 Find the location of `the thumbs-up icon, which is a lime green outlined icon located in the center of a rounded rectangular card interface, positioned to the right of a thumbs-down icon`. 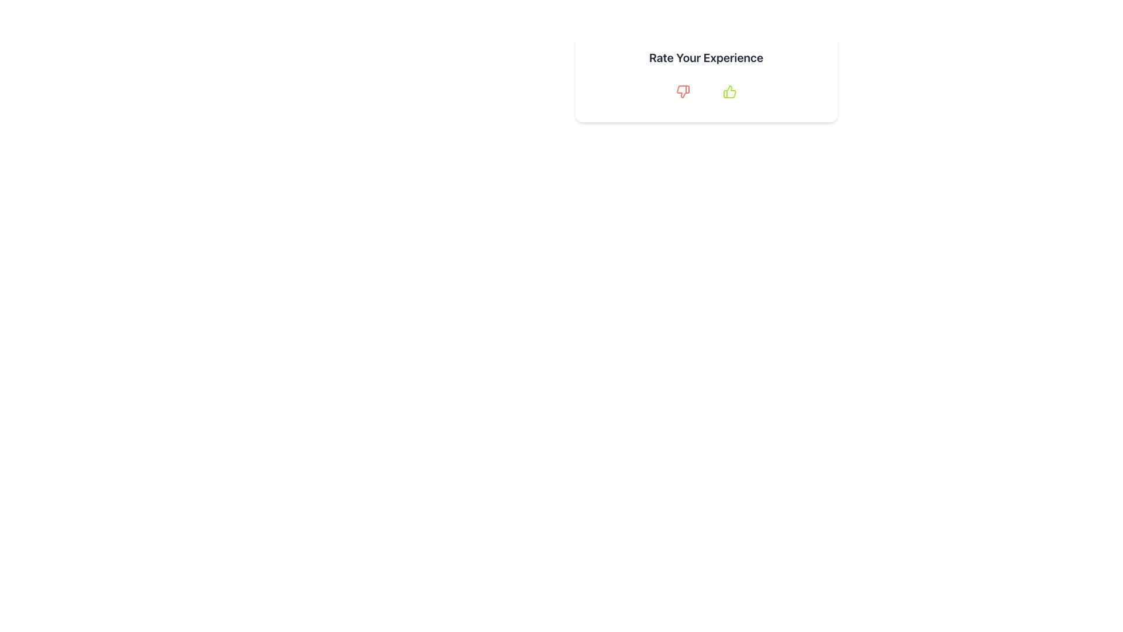

the thumbs-up icon, which is a lime green outlined icon located in the center of a rounded rectangular card interface, positioned to the right of a thumbs-down icon is located at coordinates (729, 91).